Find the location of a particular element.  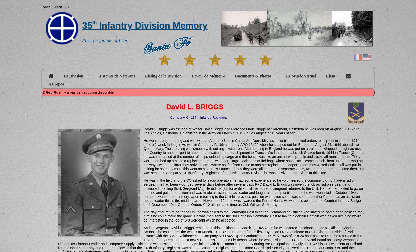

'He went through training and was with an Anti-tank Unit in Camp Van Dorn, Mississippi until he received orders to ship out in June of 1944 after a 2 week furlough. He was in Company F, 166th Infantry APO 15426 when he shipped out for Europe on August 24, 1944 aboard the Queen Mary. The crossing was smooth with out any excitement. After landing in England he was put on a train and whipped straight across the Country to another port to a boat that awaited them for shipment to France. We landed on a beach September 9, 1944 in France (Omaha) he was impressed at the number of ships unloading cargo and the beach was like an ant hill with people and trucks all running about. They were marched up a hill to a replacement pool with there large packs and duffel bags where soon trucks came to pick them up and he was on his way. Two hours later they arrived some where not far from St. Lo to another replacement depot. There they waited until a call was put in asking for so many men, this went on all across France. Finally they were all sent out to separate Units, two or three here and some there. He was sent to K Company 137th Infantry Regiment of the 35th Infantry Division he was a Private First Class at this time.' is located at coordinates (254, 156).